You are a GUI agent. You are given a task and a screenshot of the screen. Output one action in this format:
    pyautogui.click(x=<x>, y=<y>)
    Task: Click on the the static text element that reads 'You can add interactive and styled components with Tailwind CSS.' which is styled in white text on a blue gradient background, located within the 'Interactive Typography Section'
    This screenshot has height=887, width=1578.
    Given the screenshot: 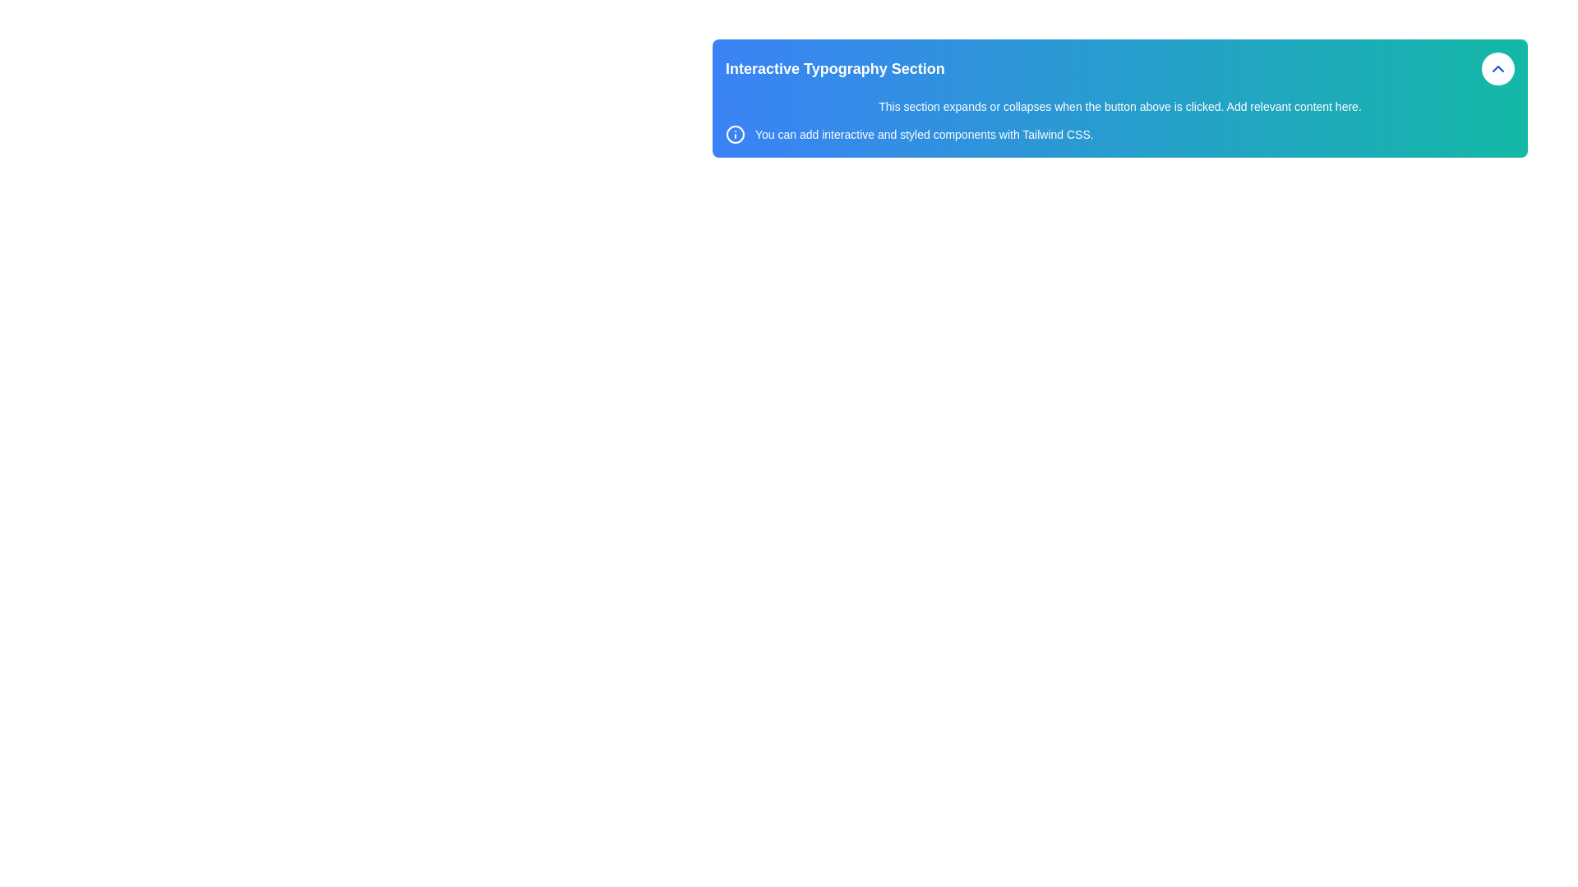 What is the action you would take?
    pyautogui.click(x=924, y=134)
    